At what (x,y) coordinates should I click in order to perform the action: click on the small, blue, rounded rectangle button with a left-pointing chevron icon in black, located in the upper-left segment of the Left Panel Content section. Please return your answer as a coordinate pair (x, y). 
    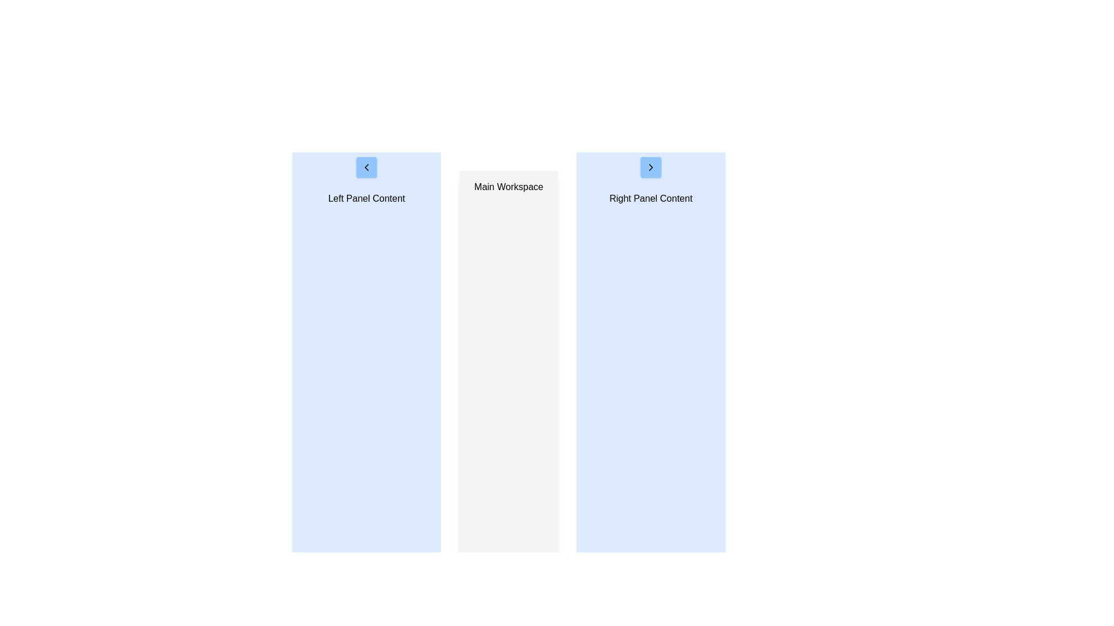
    Looking at the image, I should click on (366, 168).